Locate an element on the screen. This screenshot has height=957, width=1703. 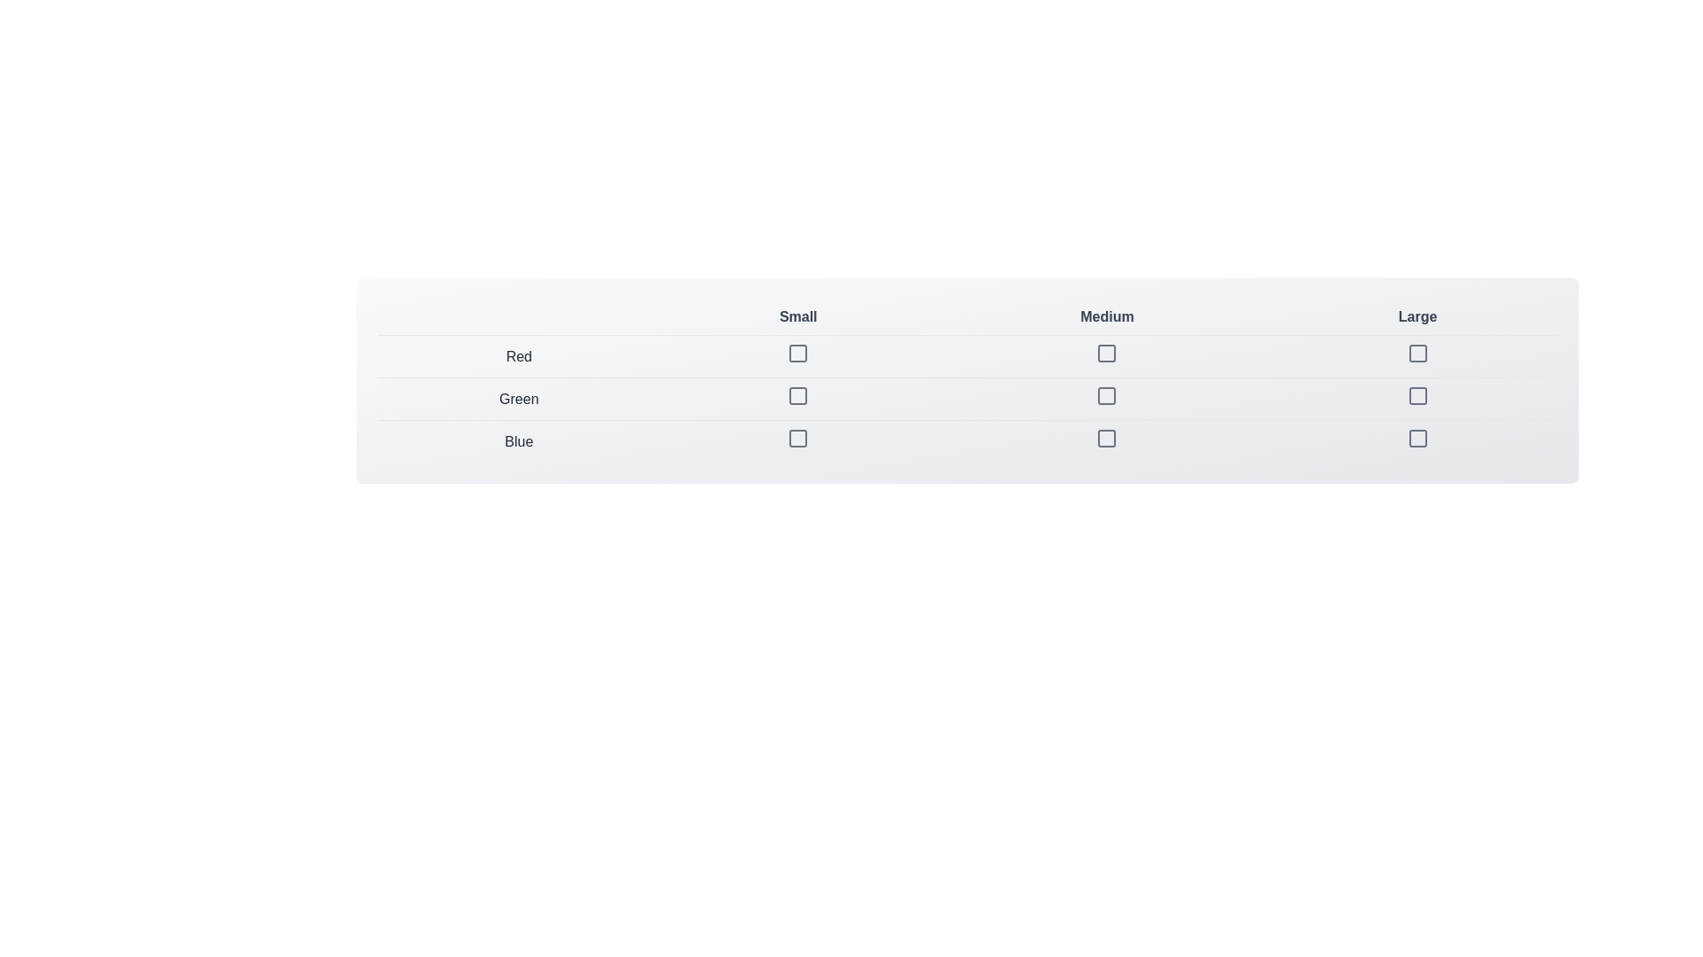
the checkbox for the 'Large' option is located at coordinates (1417, 395).